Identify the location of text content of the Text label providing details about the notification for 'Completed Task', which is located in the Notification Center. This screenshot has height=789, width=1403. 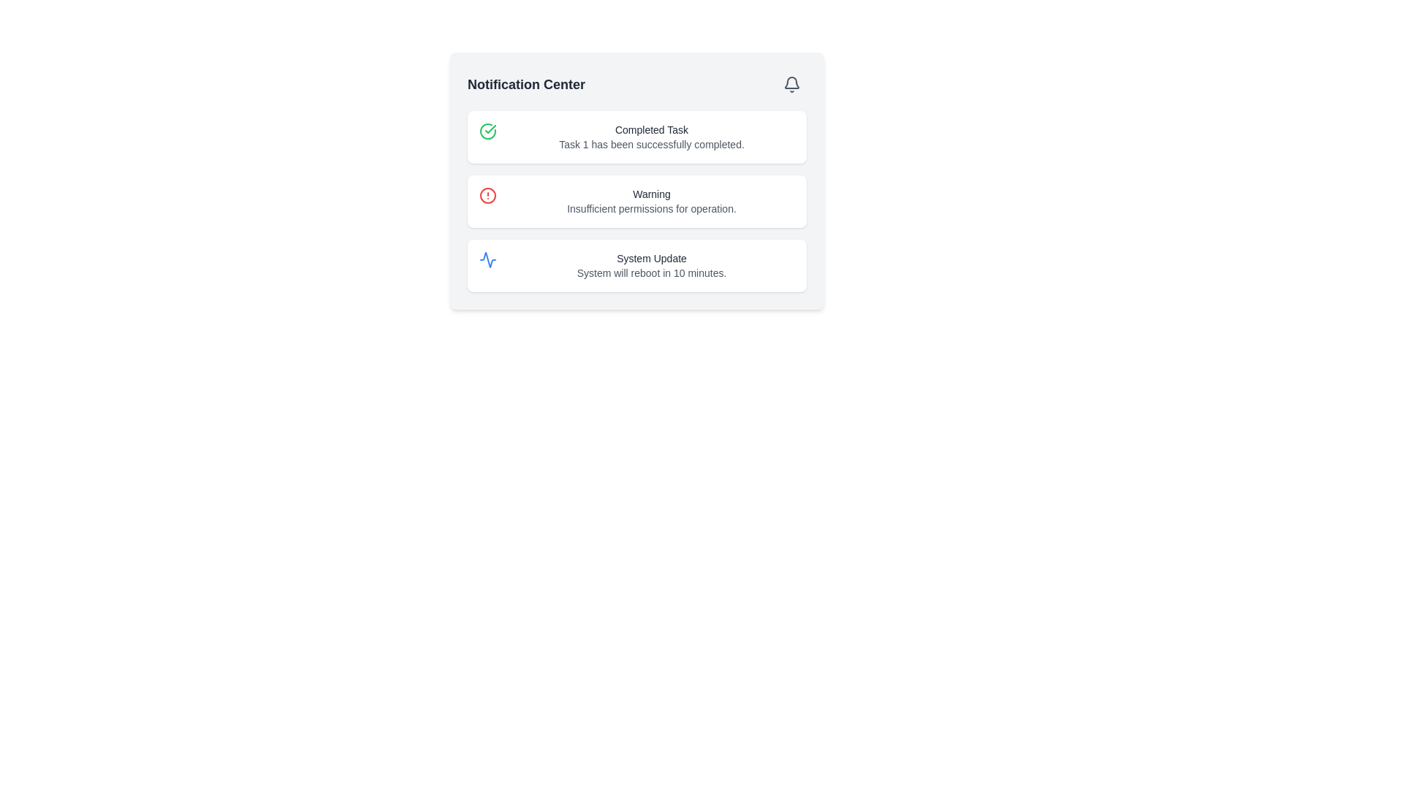
(651, 144).